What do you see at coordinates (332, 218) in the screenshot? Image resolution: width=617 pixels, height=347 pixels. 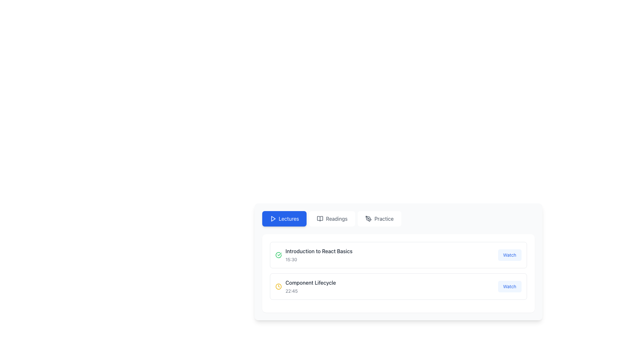 I see `the navigational button which directs users to readings or textual materials` at bounding box center [332, 218].